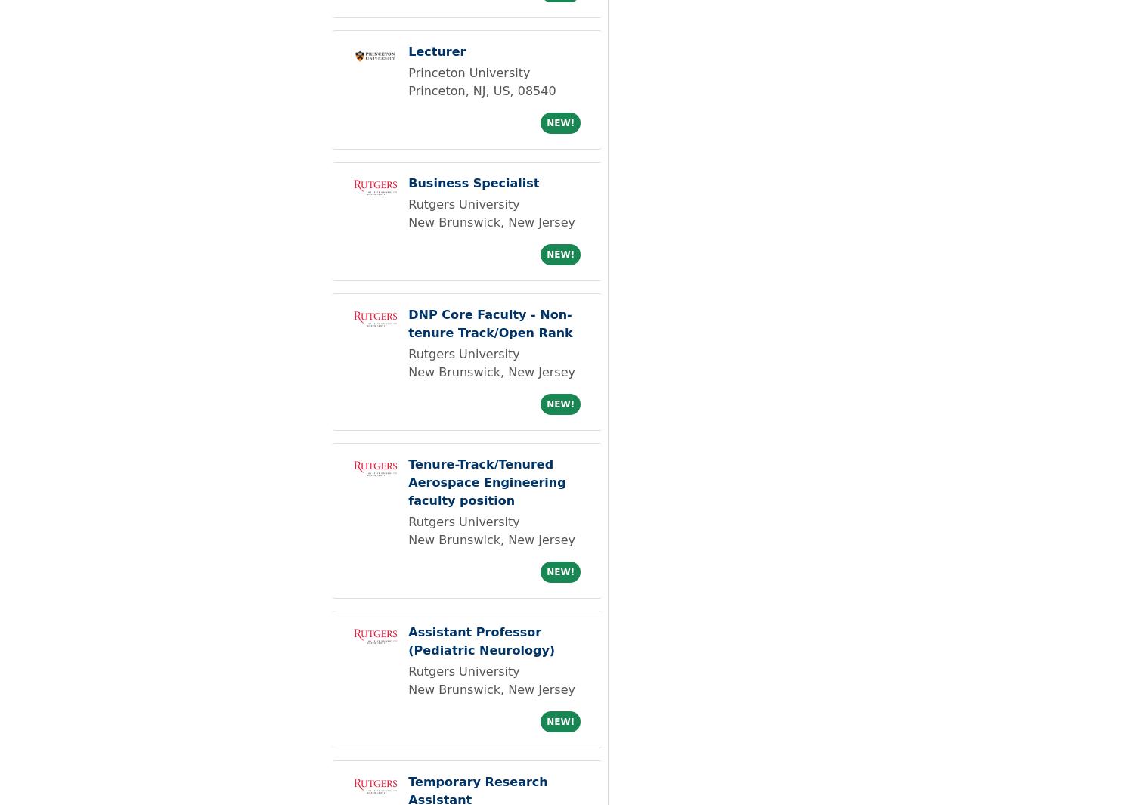 The height and width of the screenshot is (805, 1134). Describe the element at coordinates (408, 90) in the screenshot. I see `'Princeton, NJ, US, 08540'` at that location.